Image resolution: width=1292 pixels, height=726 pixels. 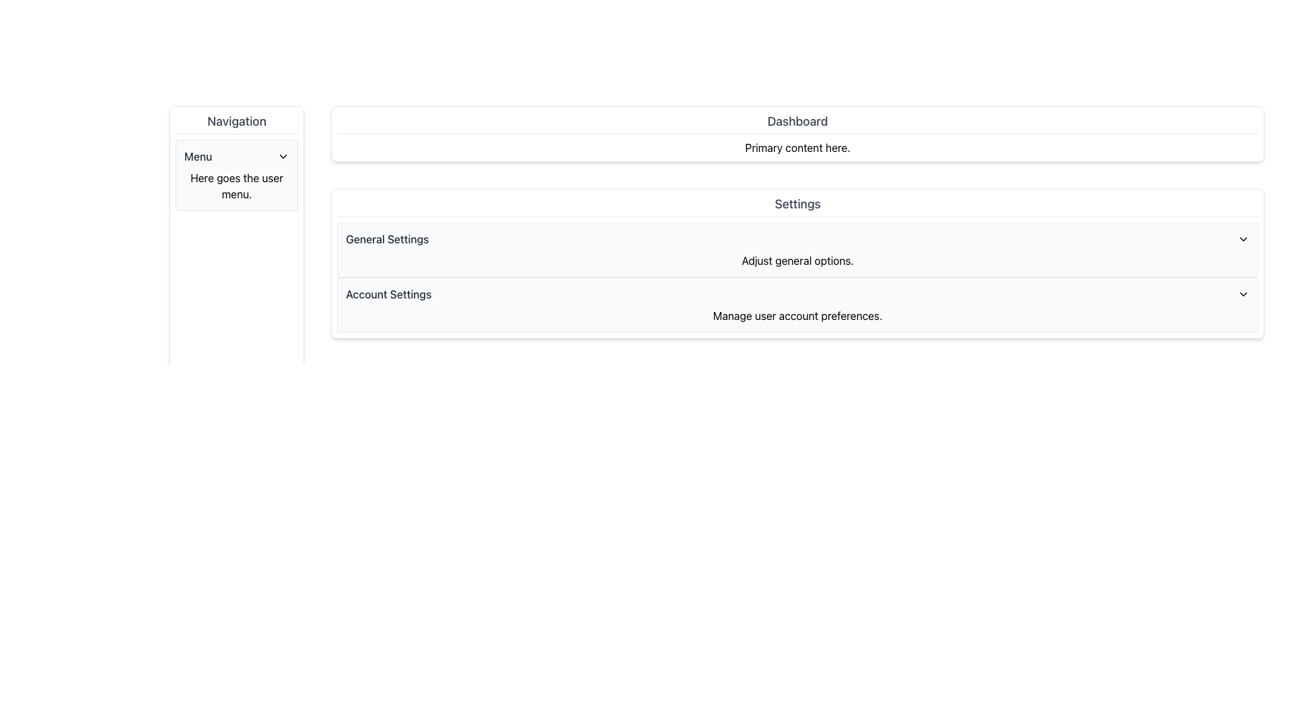 I want to click on the 'Account Settings' text label, which is displayed in gray and is part of the 'Settings' section, located below the 'Settings' header, so click(x=388, y=294).